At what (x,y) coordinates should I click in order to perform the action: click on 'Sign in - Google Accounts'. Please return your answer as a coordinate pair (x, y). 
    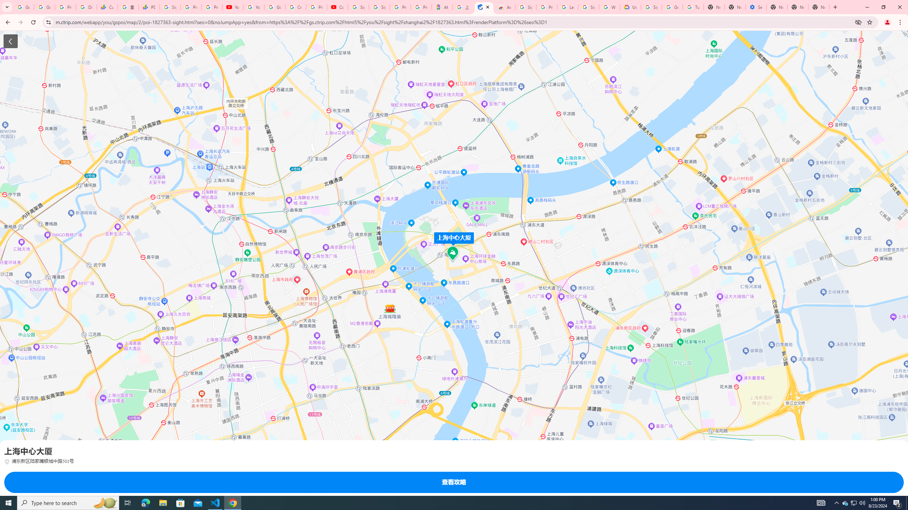
    Looking at the image, I should click on (650, 7).